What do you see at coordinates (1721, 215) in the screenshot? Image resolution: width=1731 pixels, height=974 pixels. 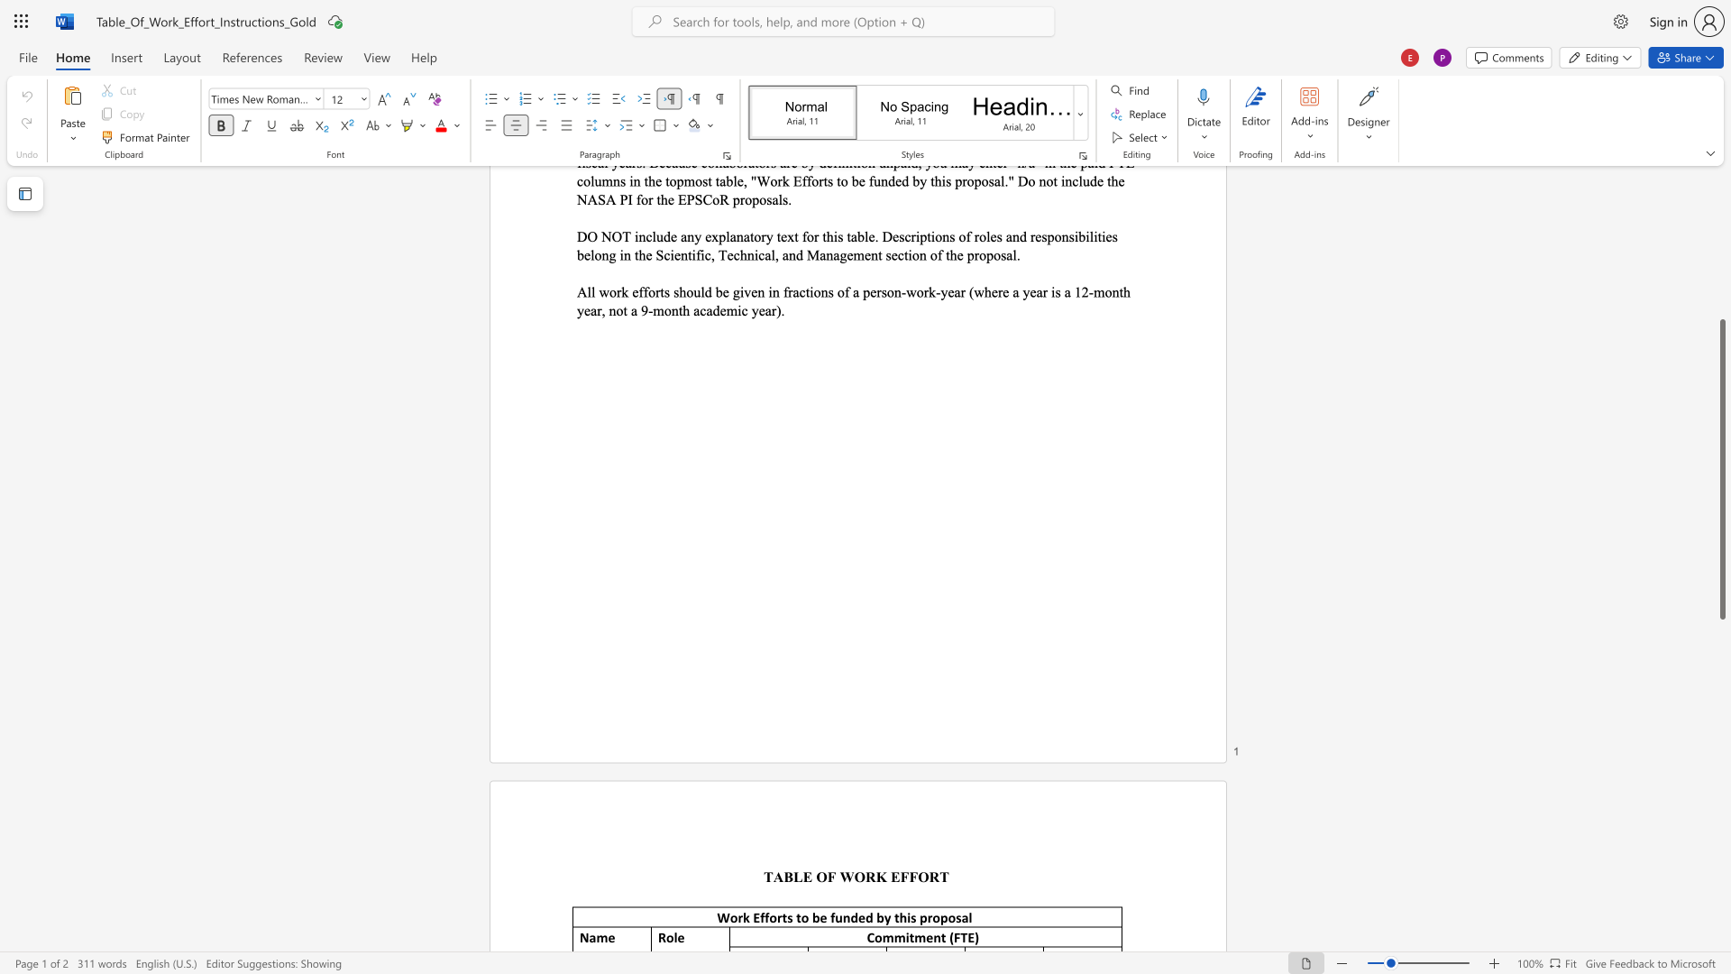 I see `the right-hand scrollbar to ascend the page` at bounding box center [1721, 215].